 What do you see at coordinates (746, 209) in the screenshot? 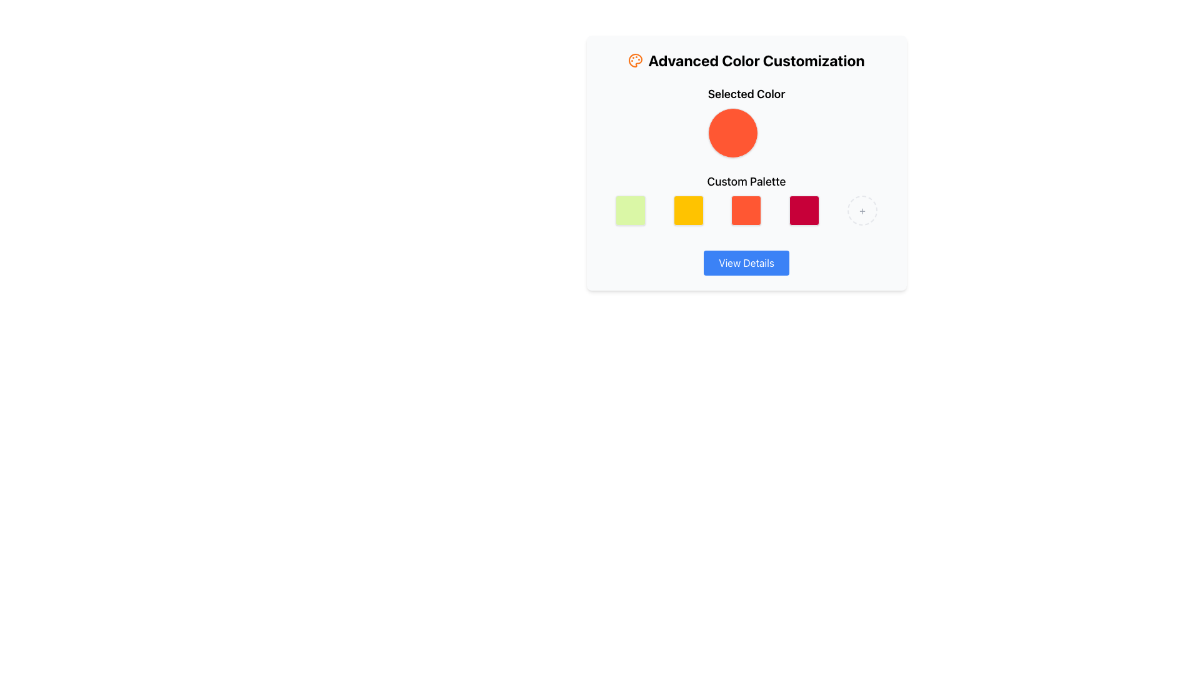
I see `the third selectable color swatch in the custom color palette` at bounding box center [746, 209].